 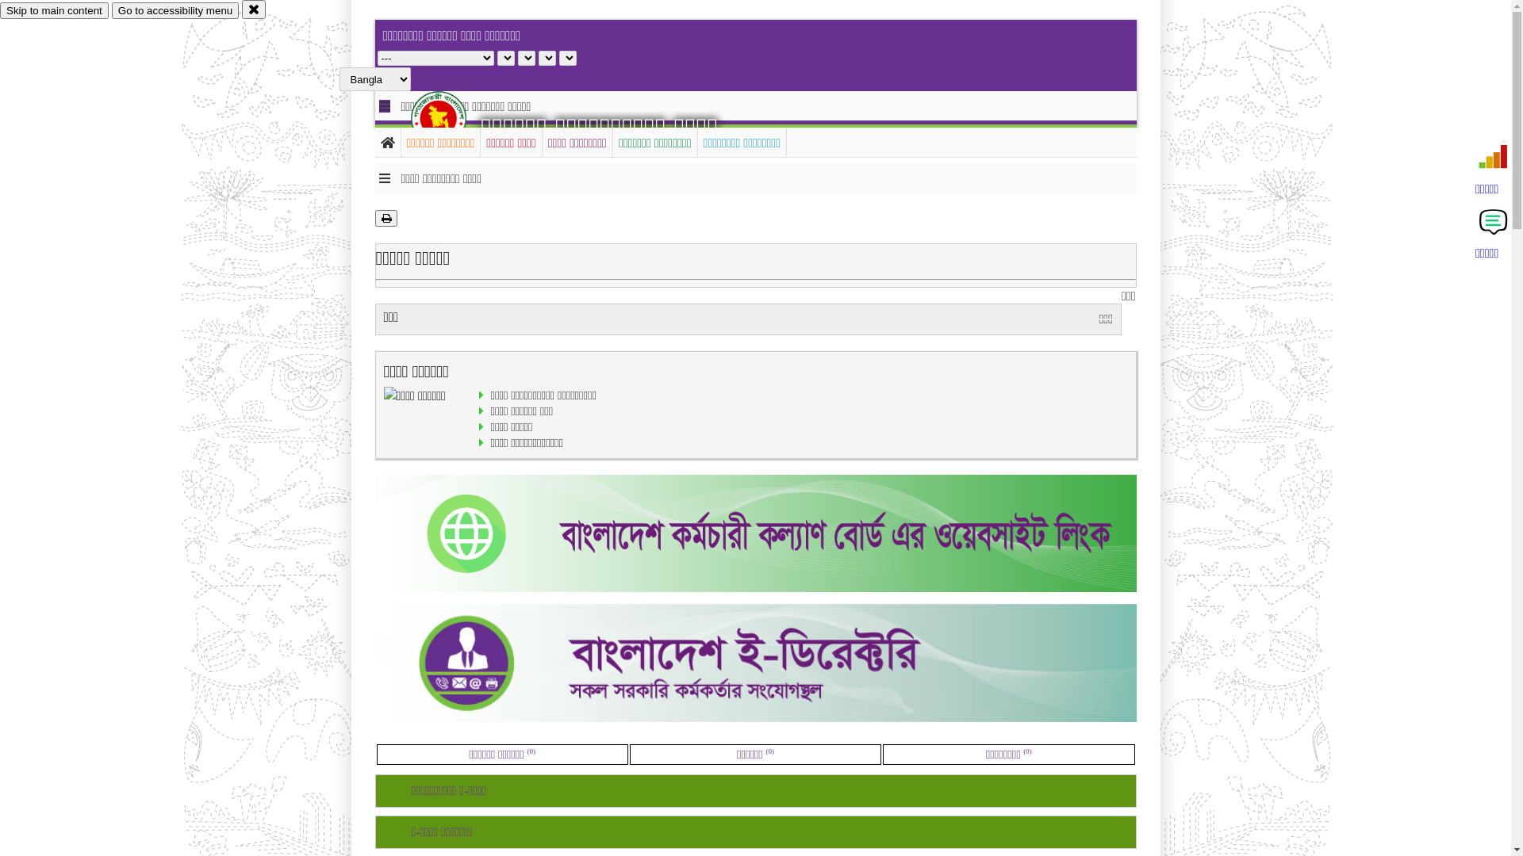 I want to click on ', so click(x=451, y=117).